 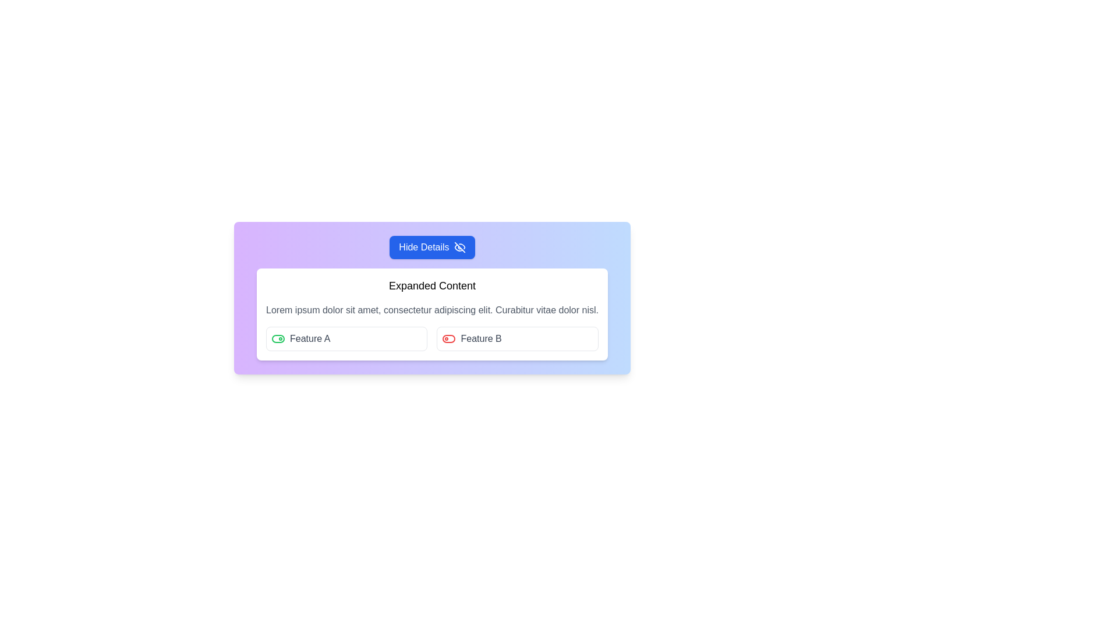 What do you see at coordinates (459, 246) in the screenshot?
I see `the decorative SVG line within the hide icon, which is part of the 'Hide Details' functionality located at the top-center of the card layout` at bounding box center [459, 246].